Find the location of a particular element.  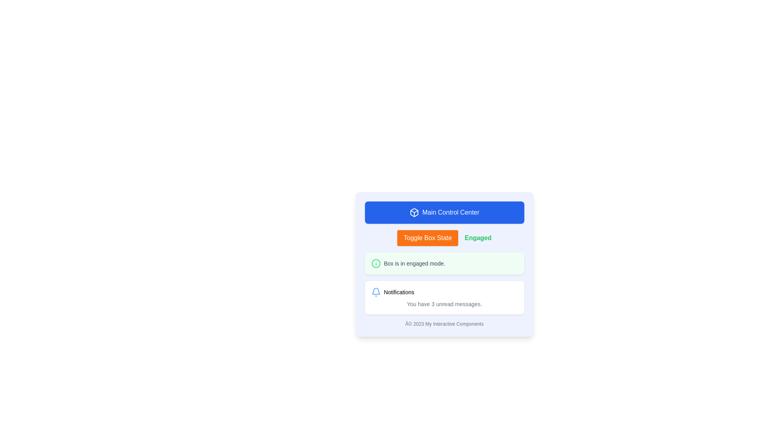

the text label displaying 'Engaged' in bold, green, sans-serif font, located to the right of the 'Toggle Box State' button is located at coordinates (478, 237).